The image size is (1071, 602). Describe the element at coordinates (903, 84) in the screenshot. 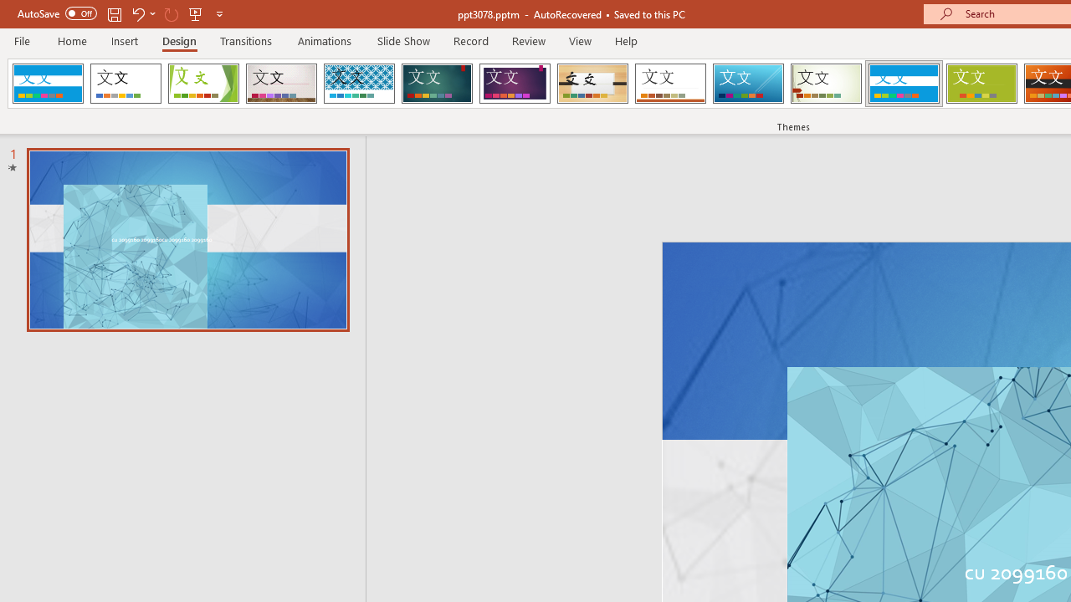

I see `'Banded'` at that location.